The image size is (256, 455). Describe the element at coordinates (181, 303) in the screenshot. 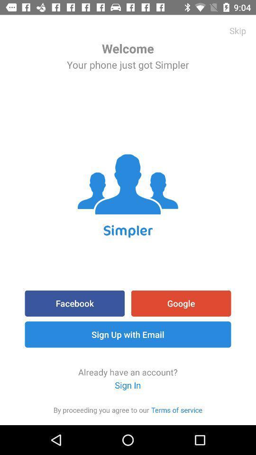

I see `google icon` at that location.